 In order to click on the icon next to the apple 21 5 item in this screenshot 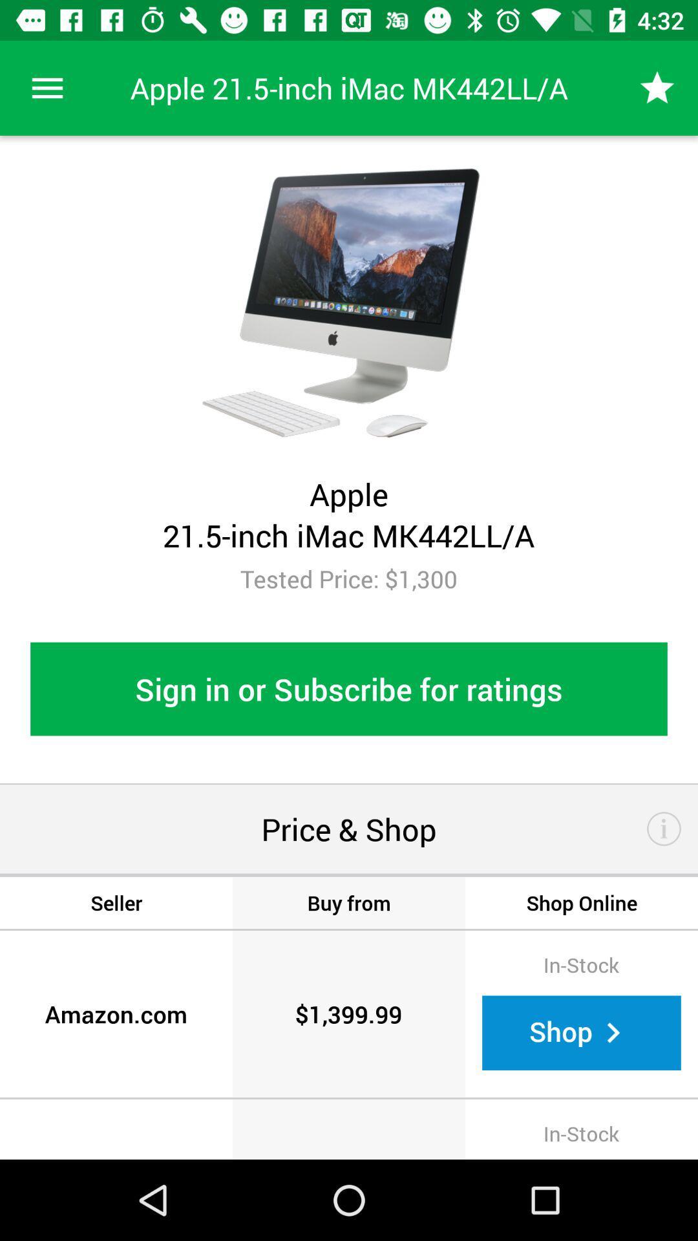, I will do `click(657, 87)`.